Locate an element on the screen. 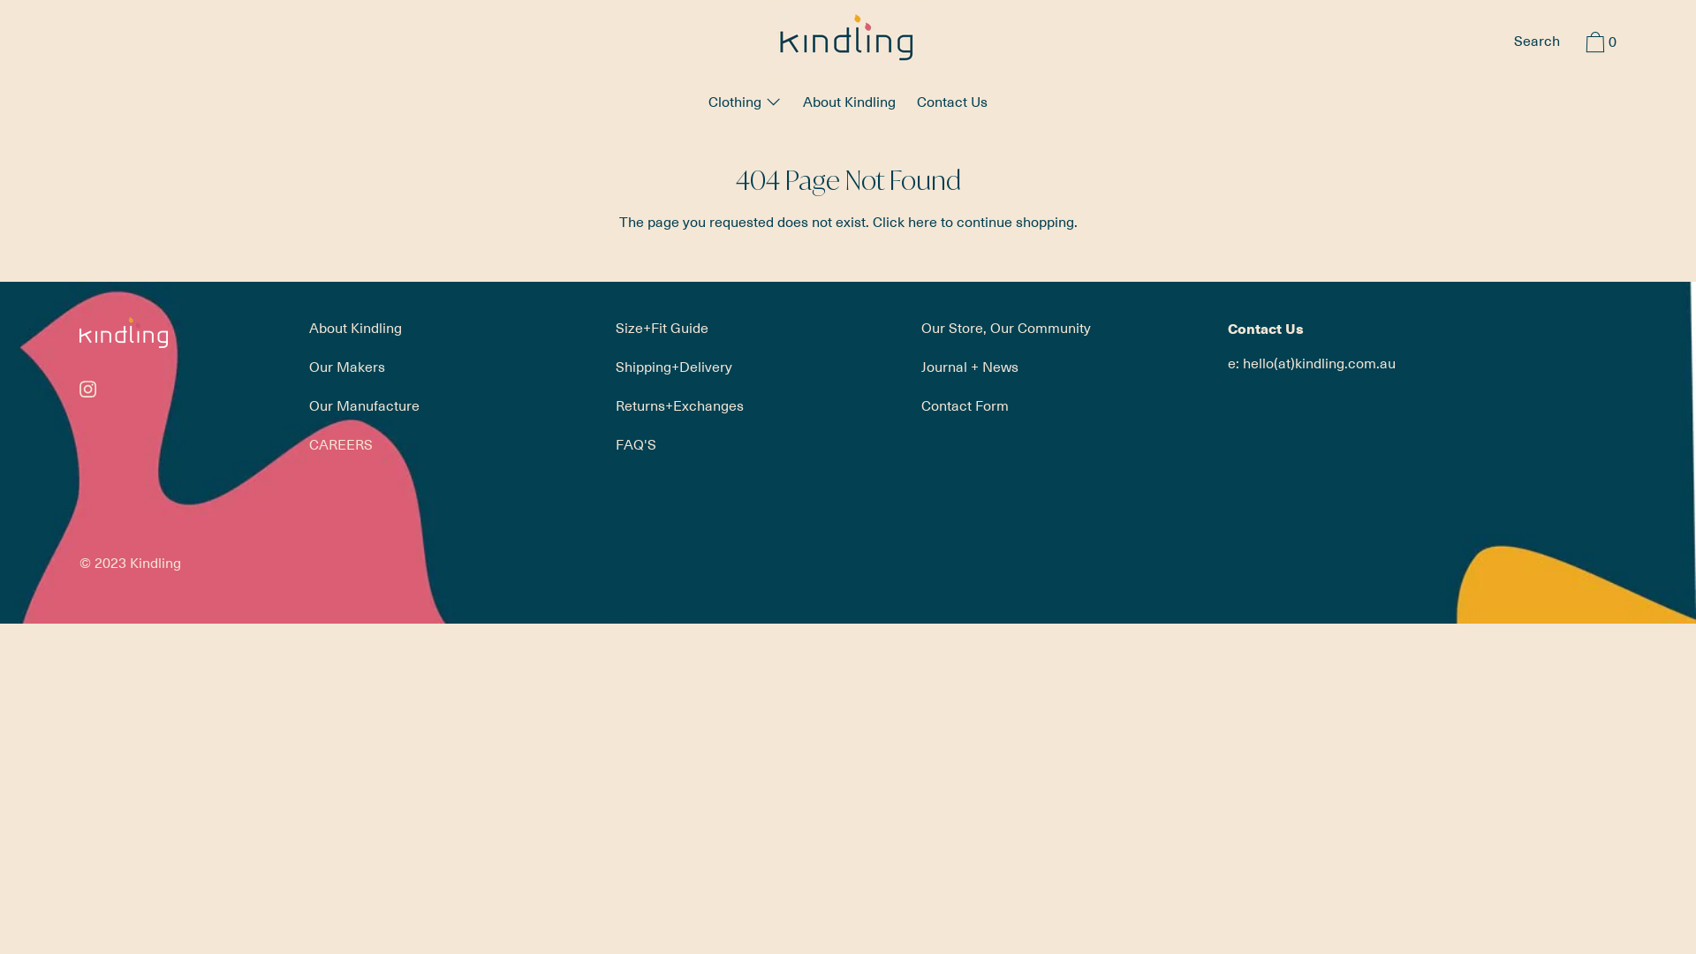 The image size is (1696, 954). '0' is located at coordinates (1598, 43).